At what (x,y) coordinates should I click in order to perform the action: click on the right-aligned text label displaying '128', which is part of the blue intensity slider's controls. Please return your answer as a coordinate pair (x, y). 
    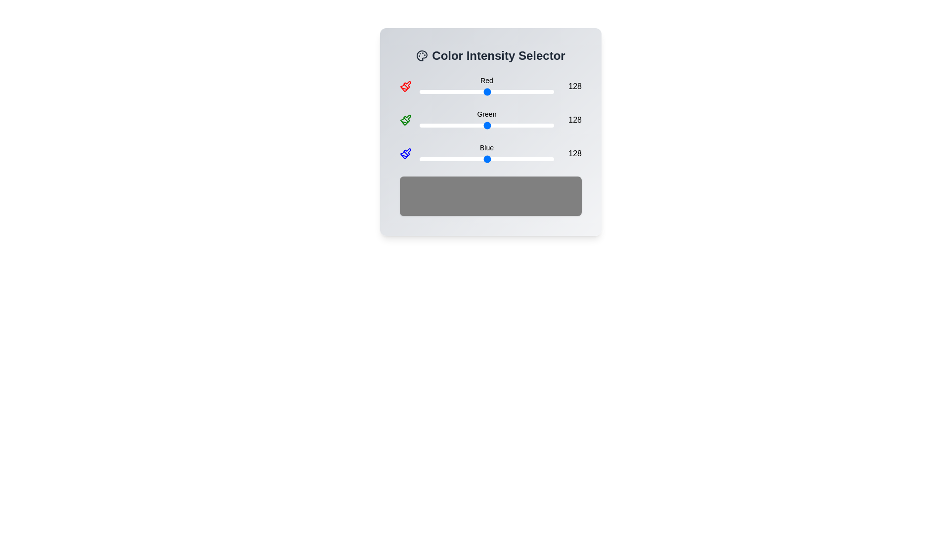
    Looking at the image, I should click on (571, 154).